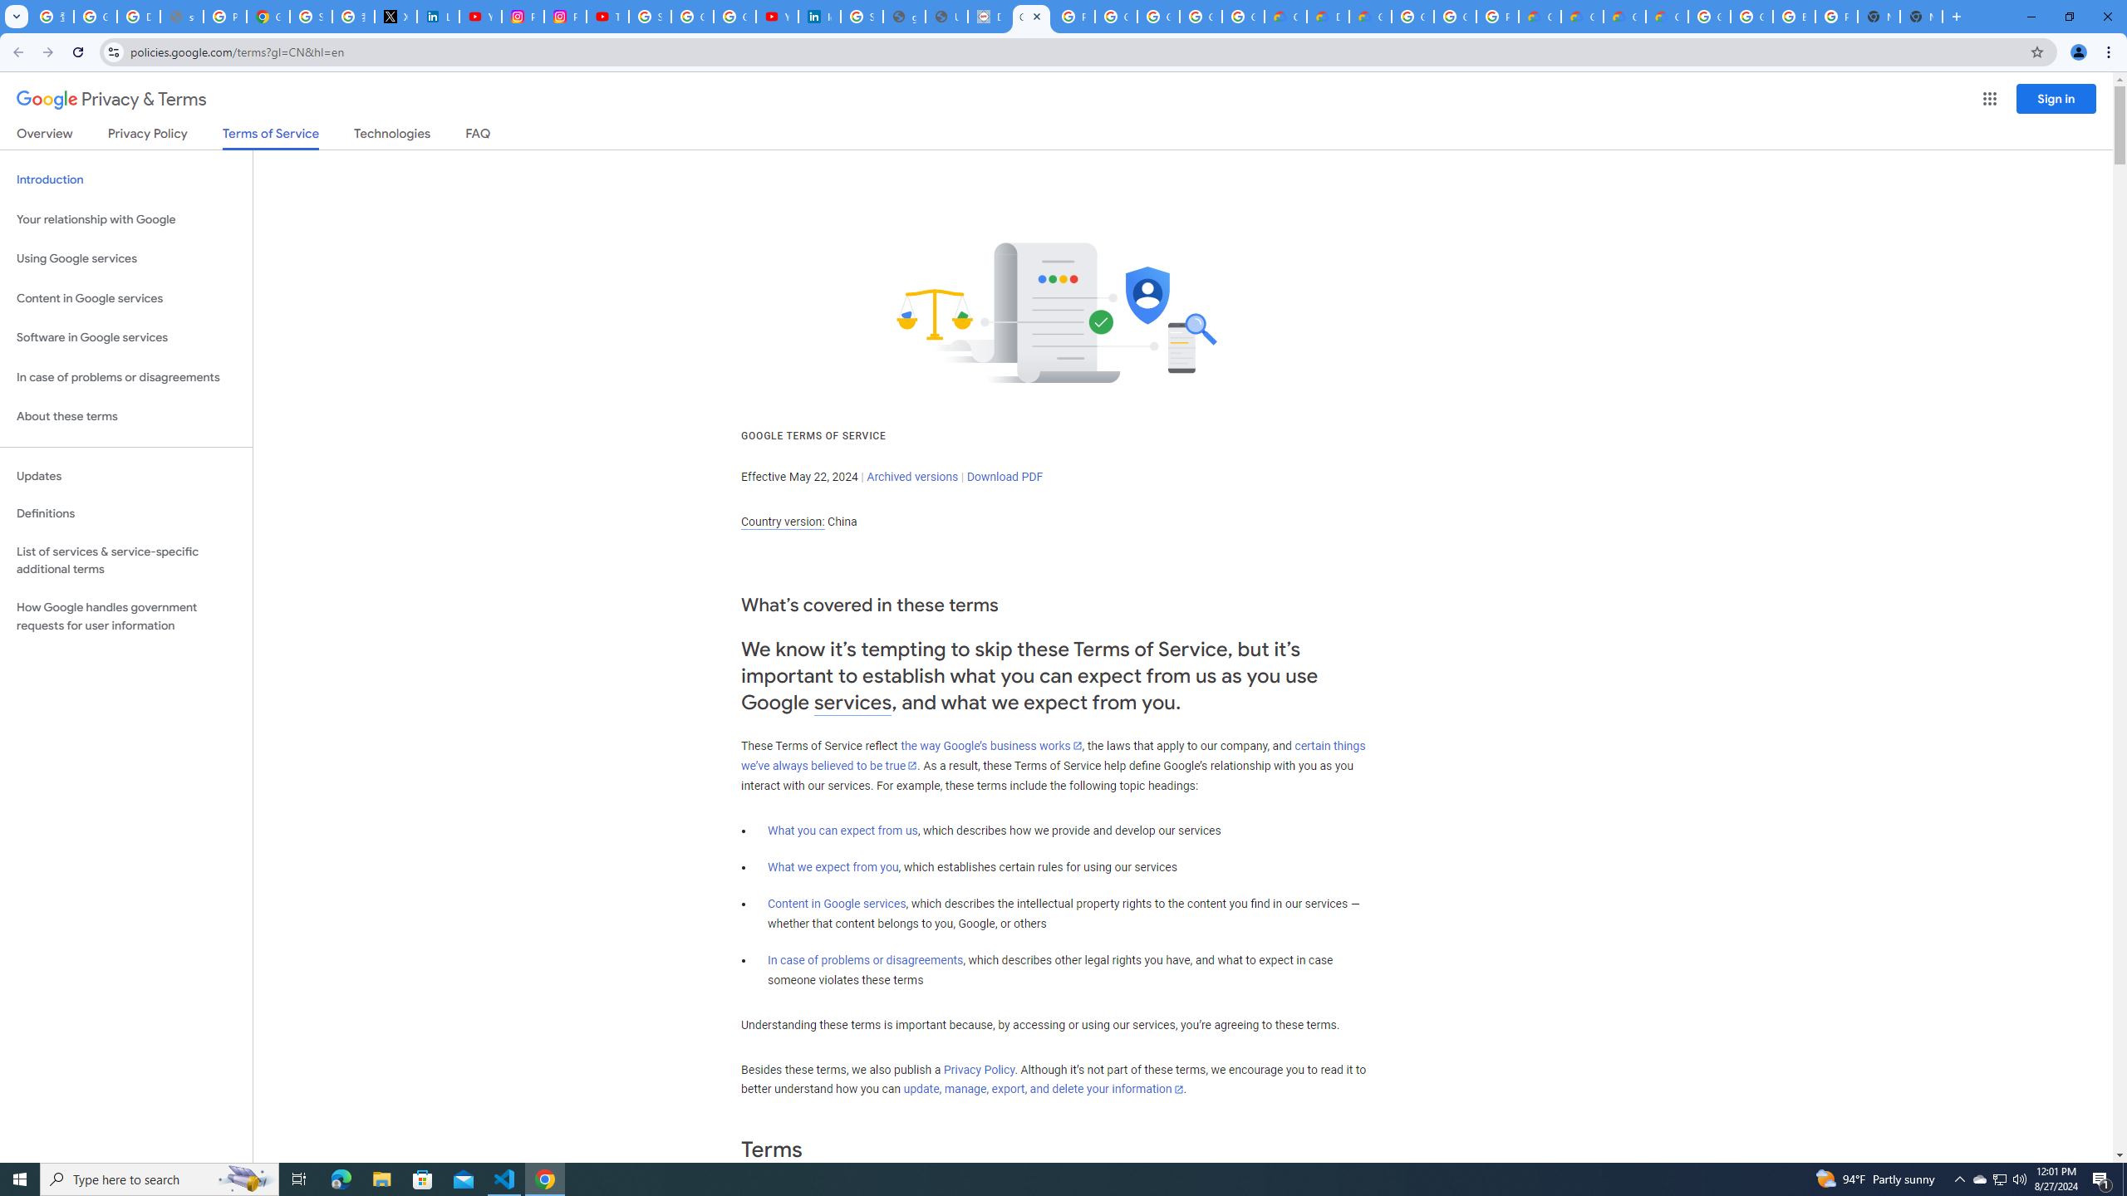 This screenshot has width=2127, height=1196. Describe the element at coordinates (312, 16) in the screenshot. I see `'Sign in - Google Accounts'` at that location.